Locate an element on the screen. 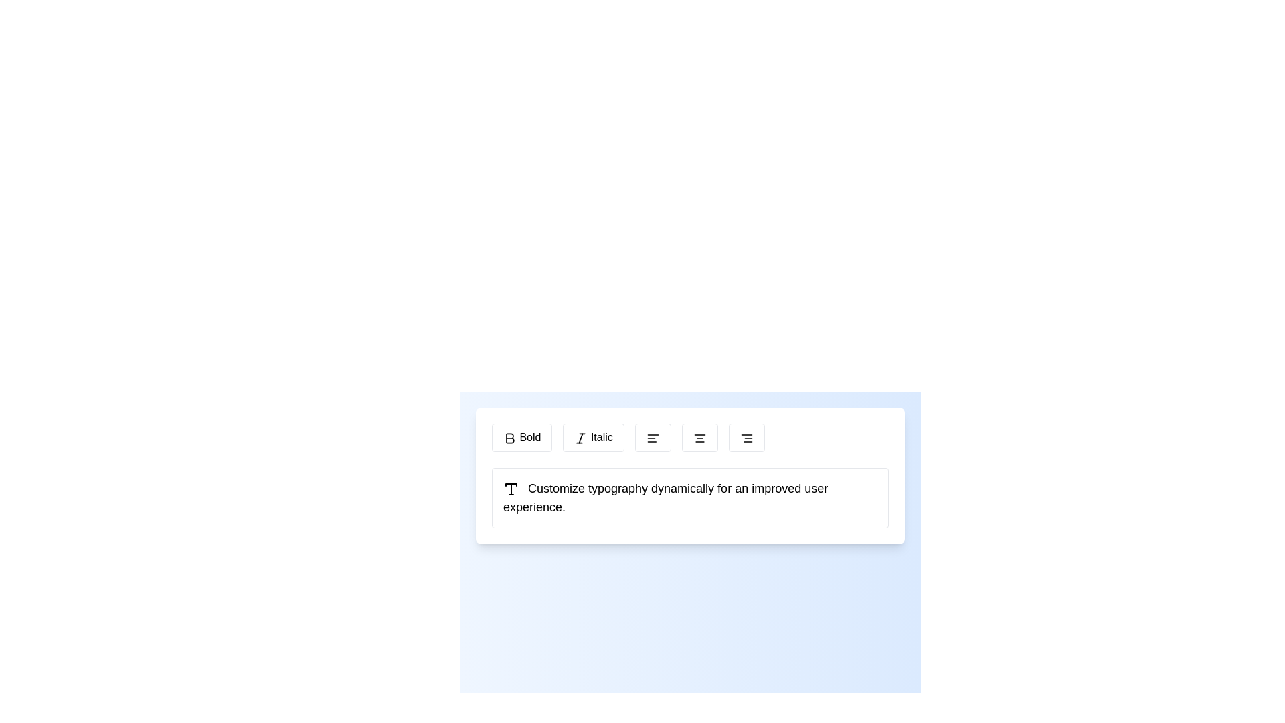  the right alignment button, which has a white background, black border, and an icon of three horizontal lines aligned to the right, to apply right alignment is located at coordinates (746, 438).